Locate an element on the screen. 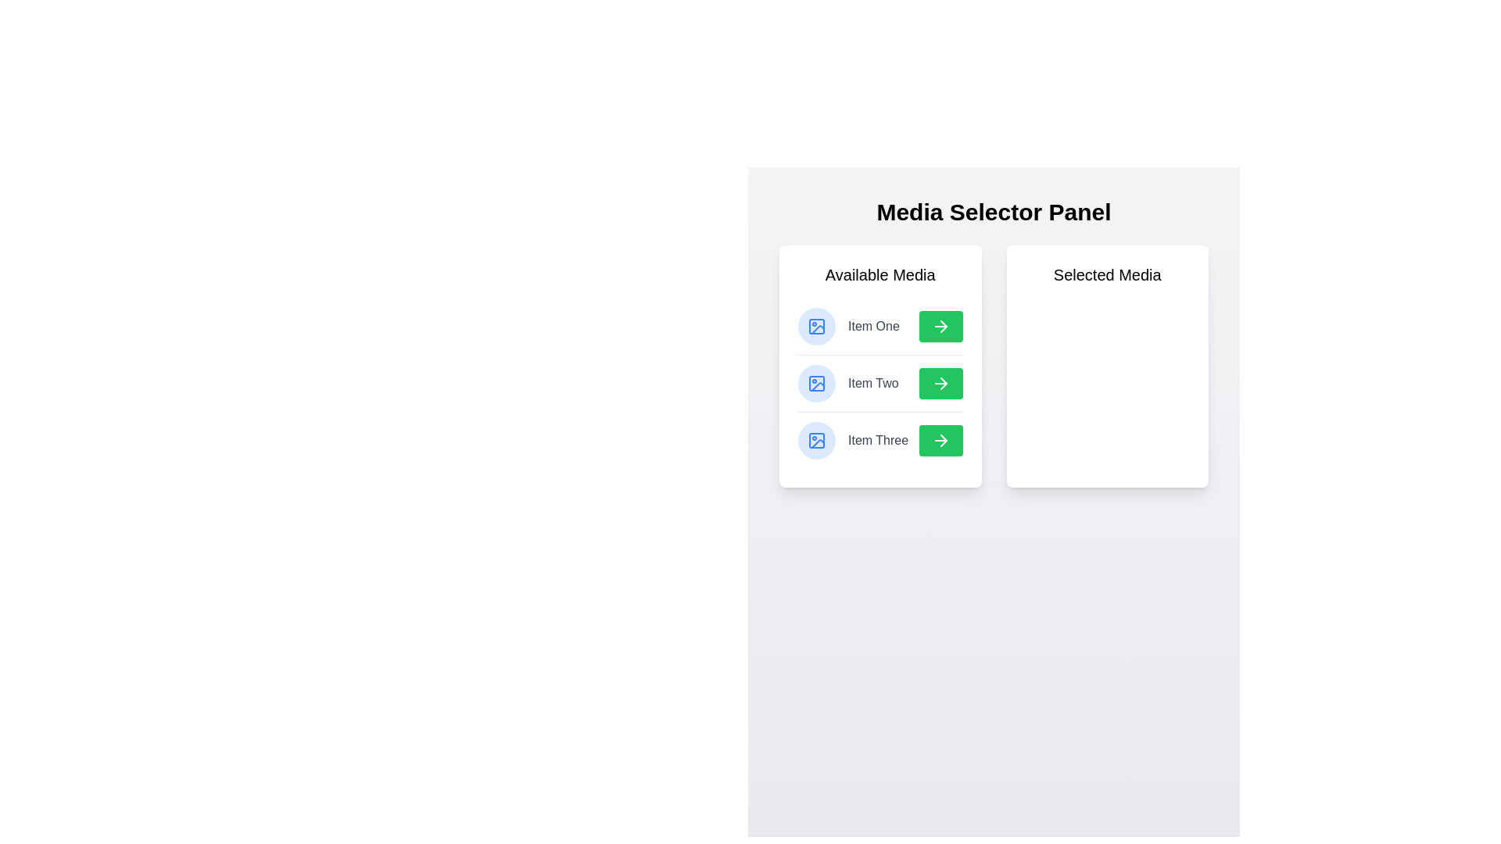 This screenshot has width=1501, height=844. text content of the first Text Label in the 'Available Media' section, which helps users identify the media item is located at coordinates (872, 325).